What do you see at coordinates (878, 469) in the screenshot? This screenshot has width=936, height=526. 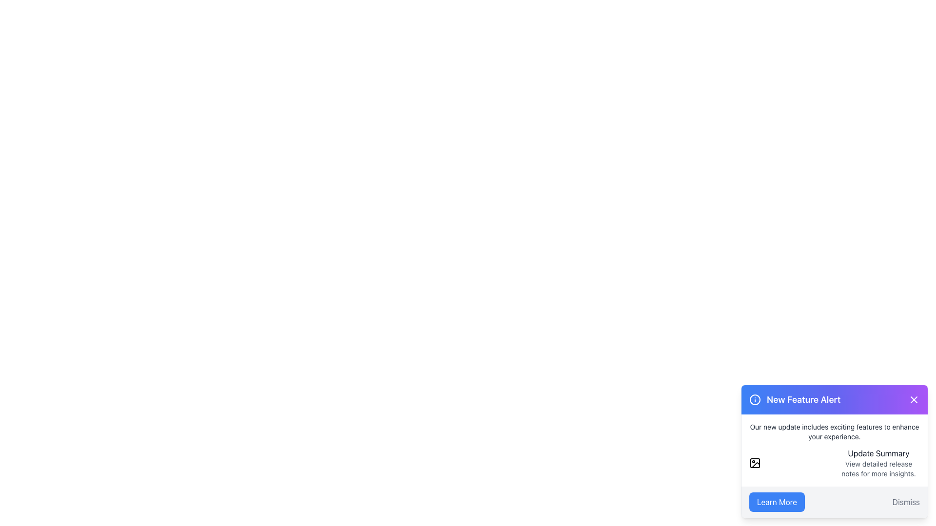 I see `the descriptive text located in the bottom-right section of the notification box, directly below the 'Update Summary' heading` at bounding box center [878, 469].